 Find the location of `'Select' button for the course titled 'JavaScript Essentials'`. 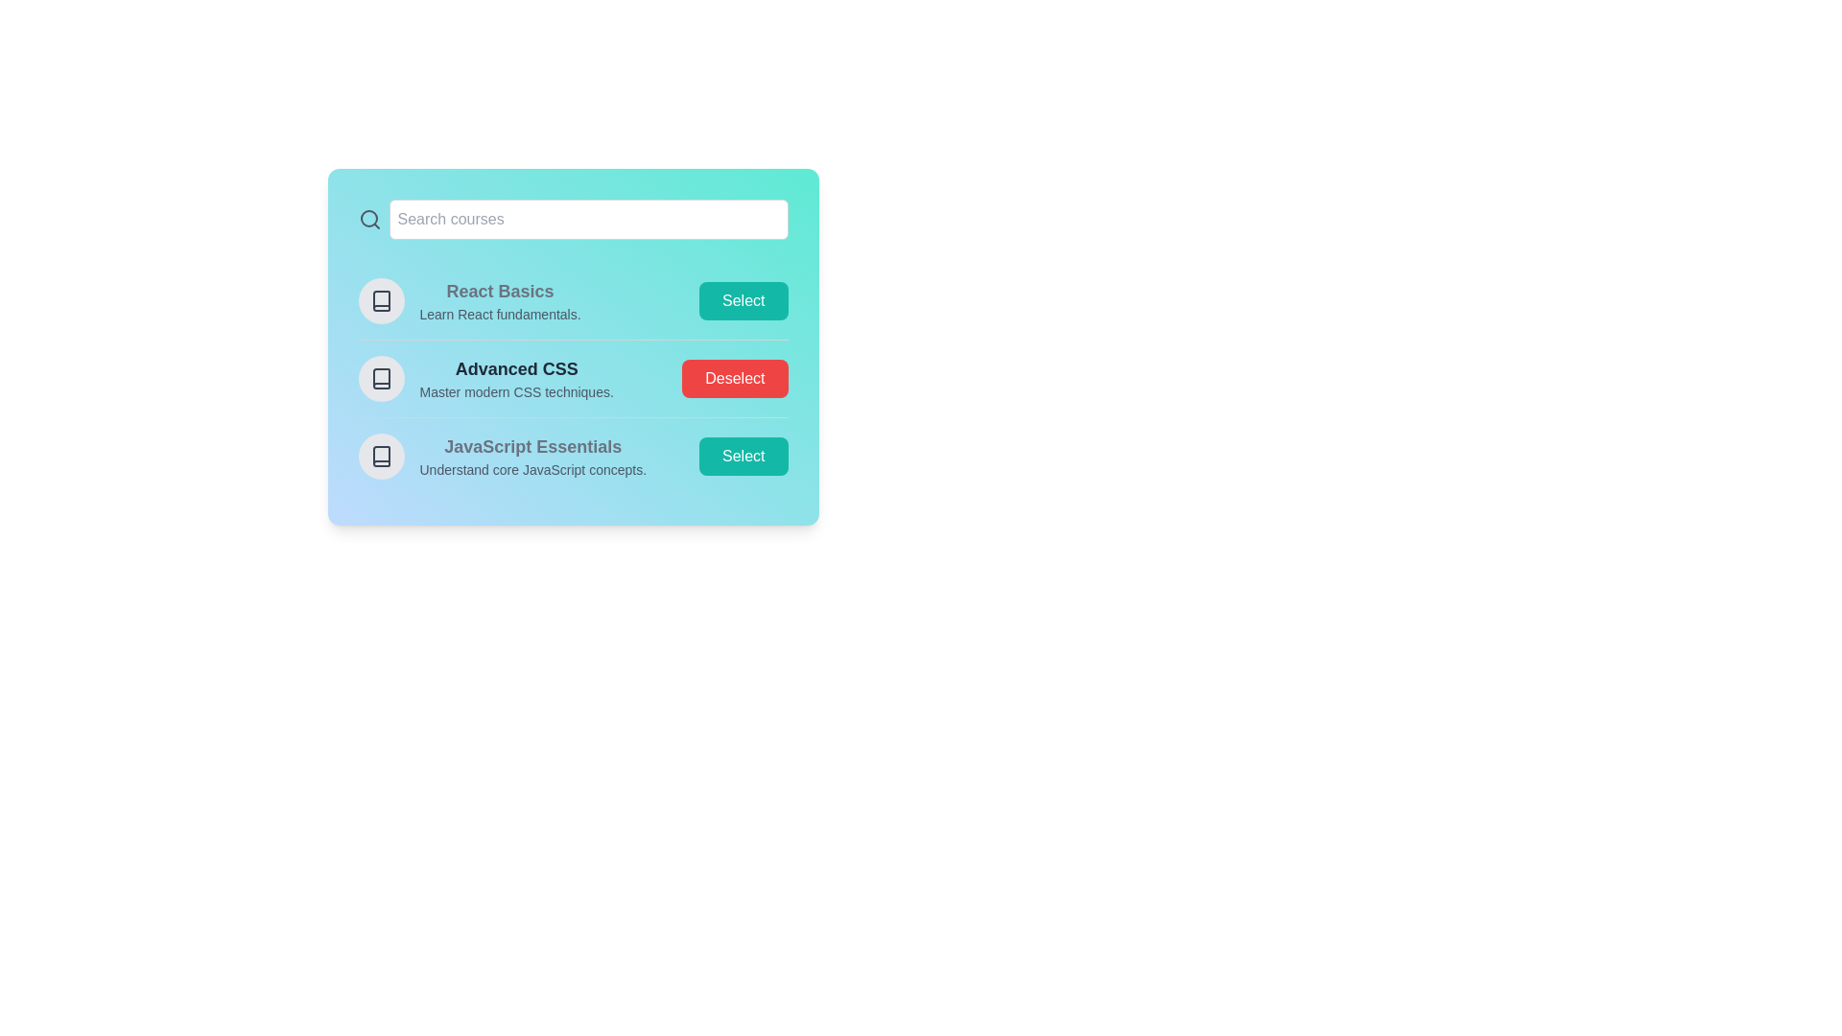

'Select' button for the course titled 'JavaScript Essentials' is located at coordinates (743, 456).